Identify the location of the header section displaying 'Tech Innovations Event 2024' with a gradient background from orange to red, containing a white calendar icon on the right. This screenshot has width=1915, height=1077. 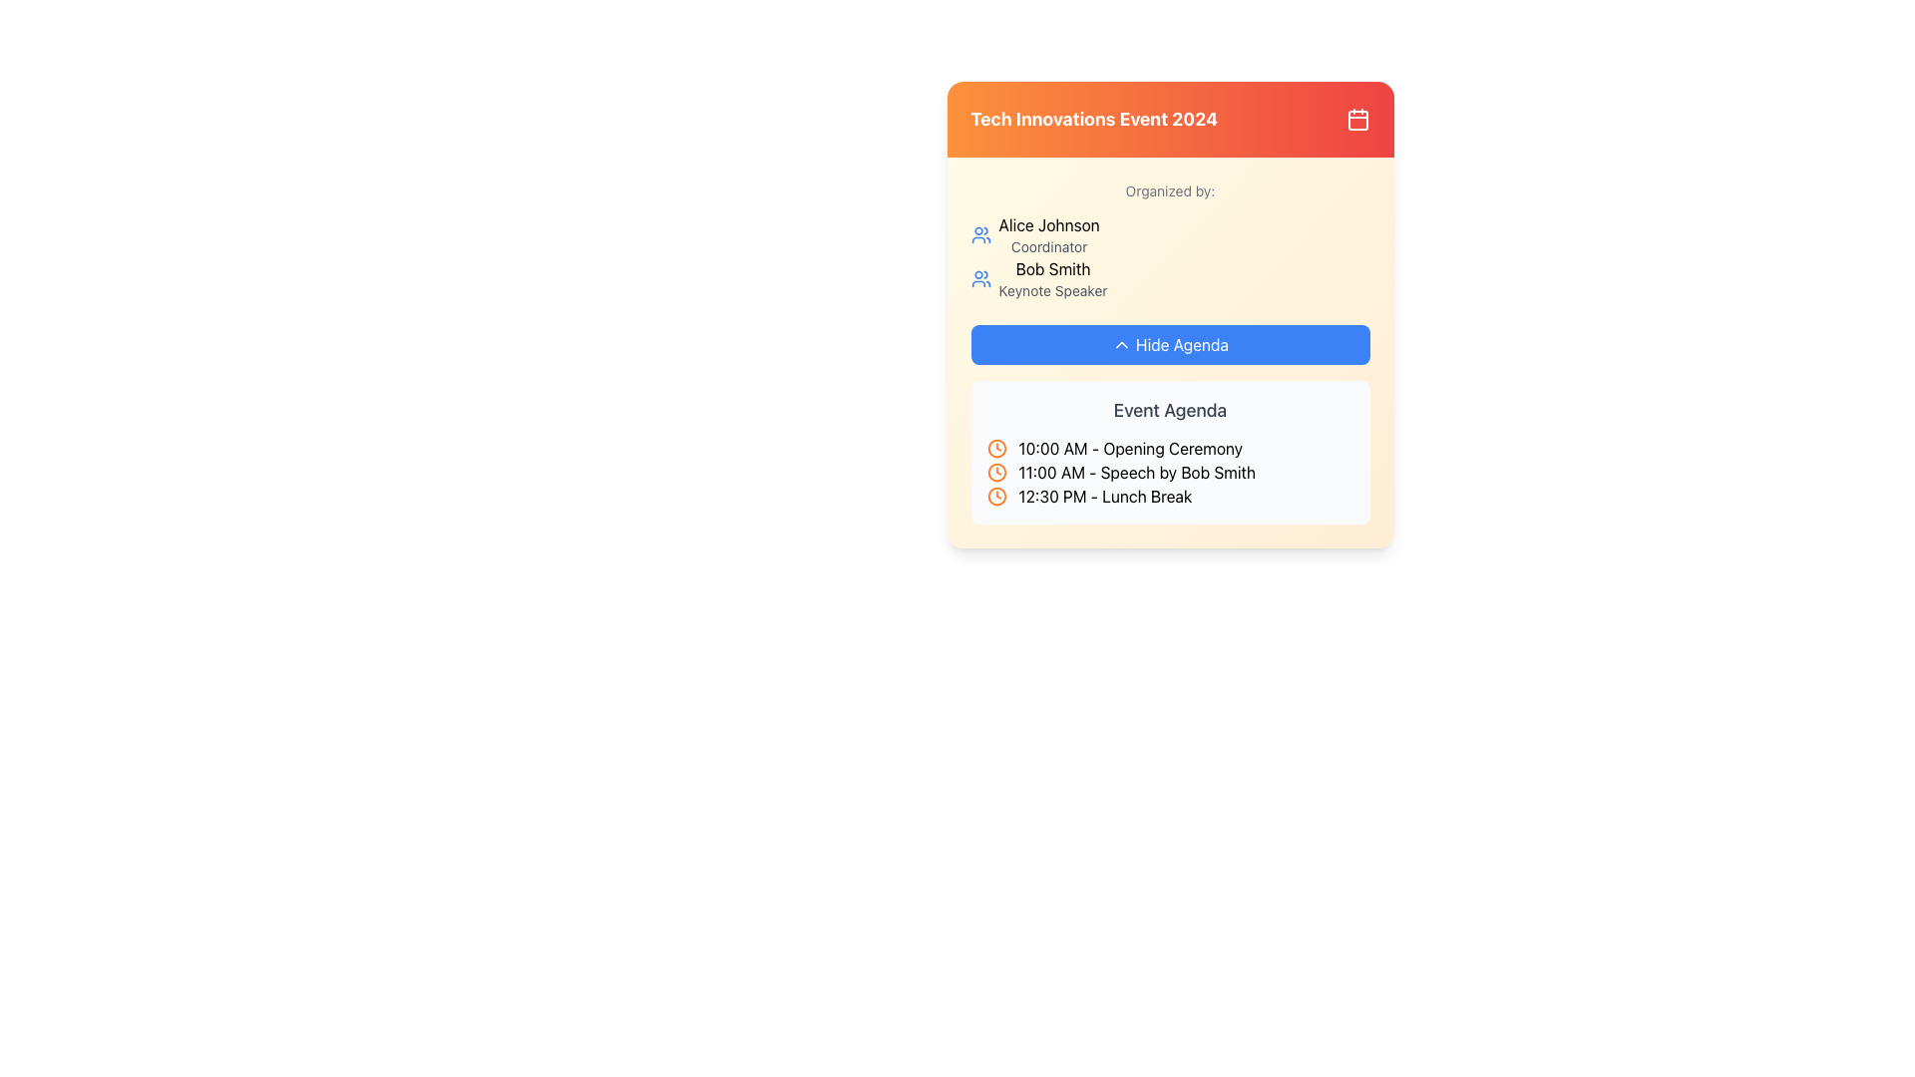
(1170, 119).